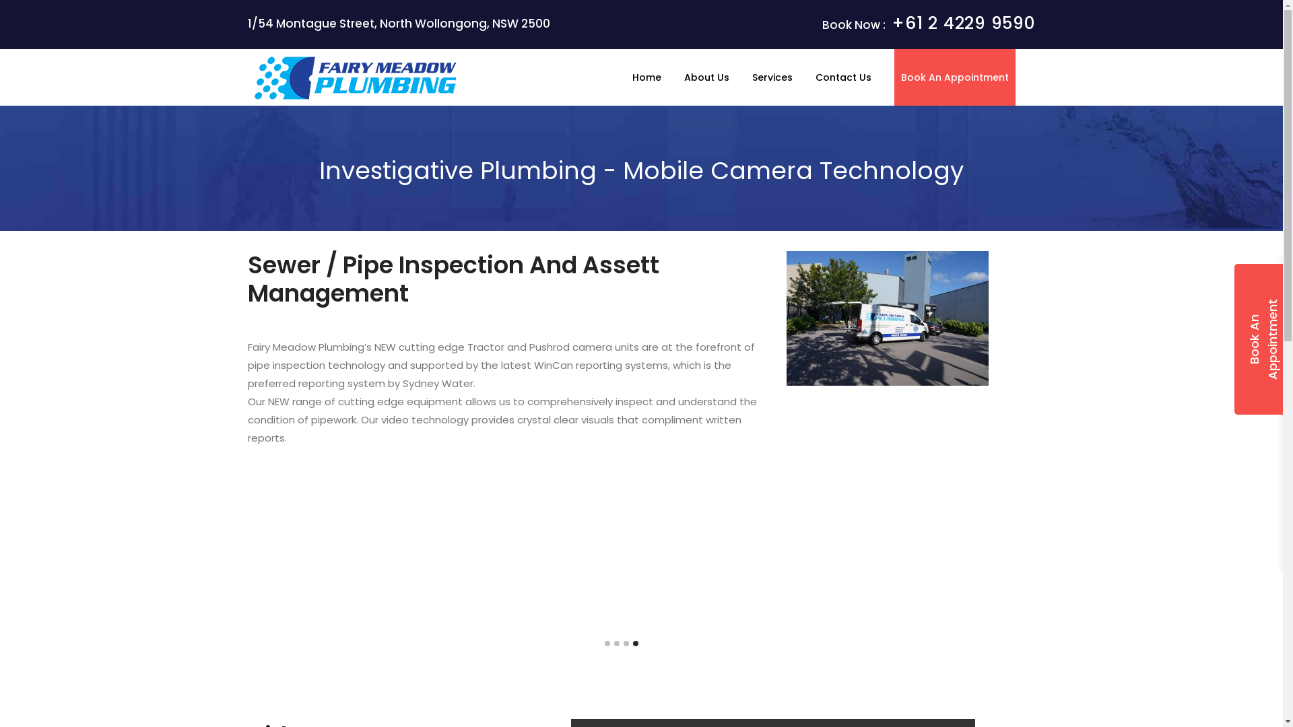  I want to click on 'Fixnox', so click(356, 79).